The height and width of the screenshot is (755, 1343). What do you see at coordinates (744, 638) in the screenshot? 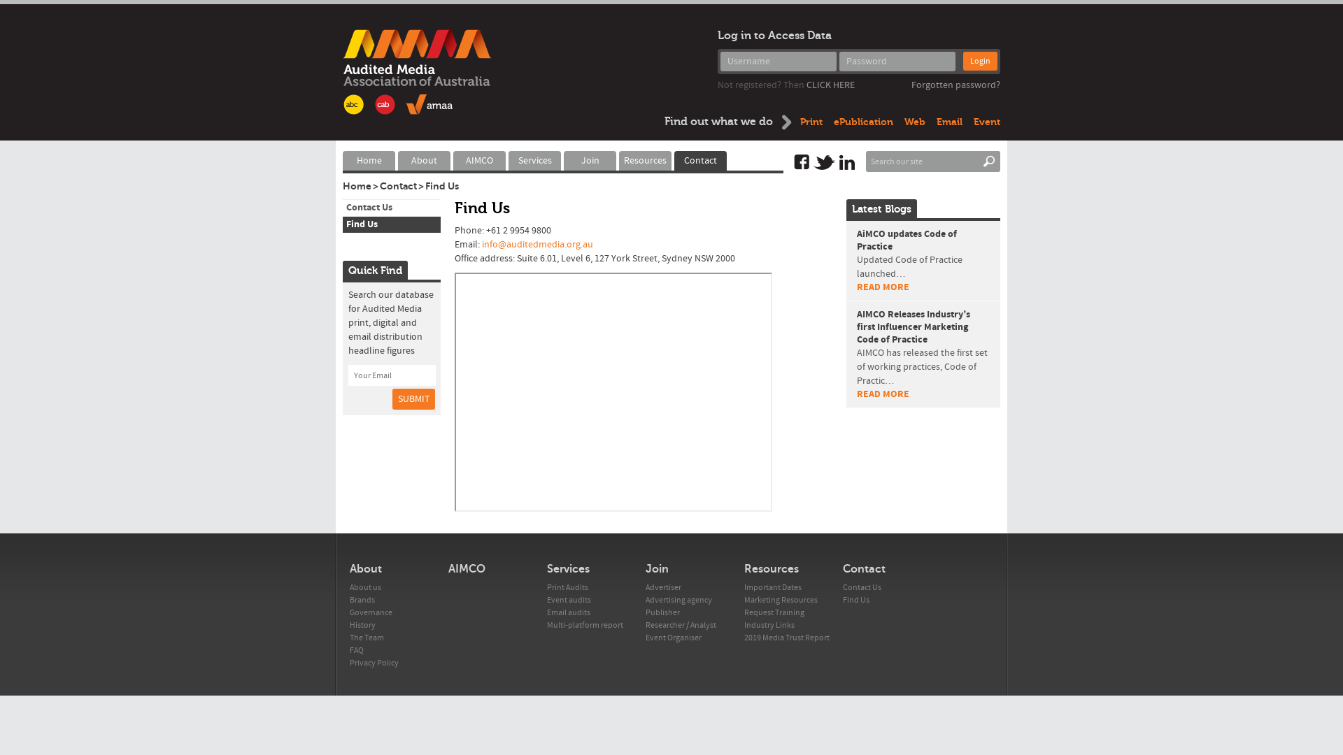
I see `'2019 Media Trust Report'` at bounding box center [744, 638].